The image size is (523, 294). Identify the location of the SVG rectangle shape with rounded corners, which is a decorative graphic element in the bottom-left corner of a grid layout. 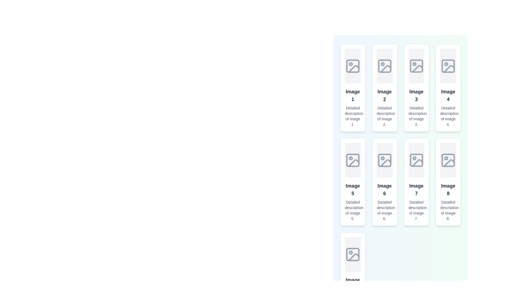
(353, 254).